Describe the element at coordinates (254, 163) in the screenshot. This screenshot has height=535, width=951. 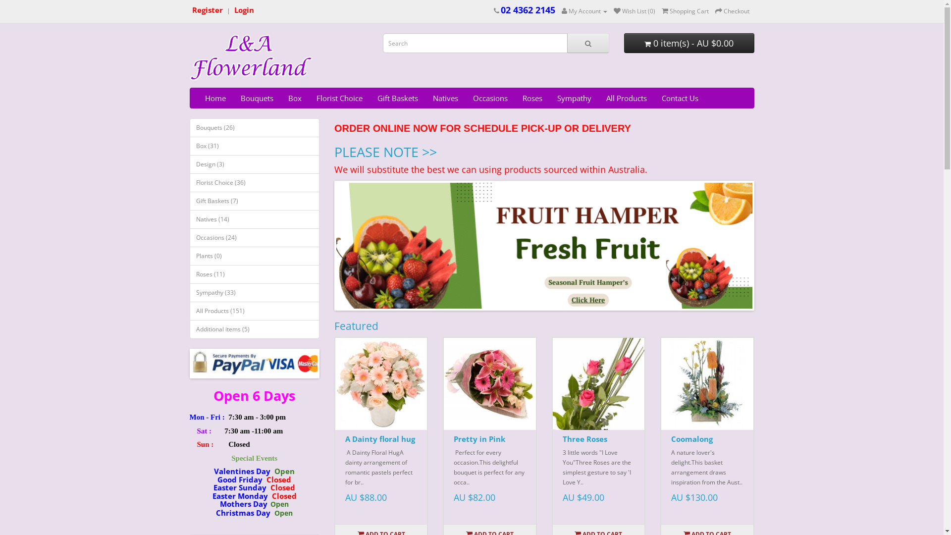
I see `'Design (3)'` at that location.